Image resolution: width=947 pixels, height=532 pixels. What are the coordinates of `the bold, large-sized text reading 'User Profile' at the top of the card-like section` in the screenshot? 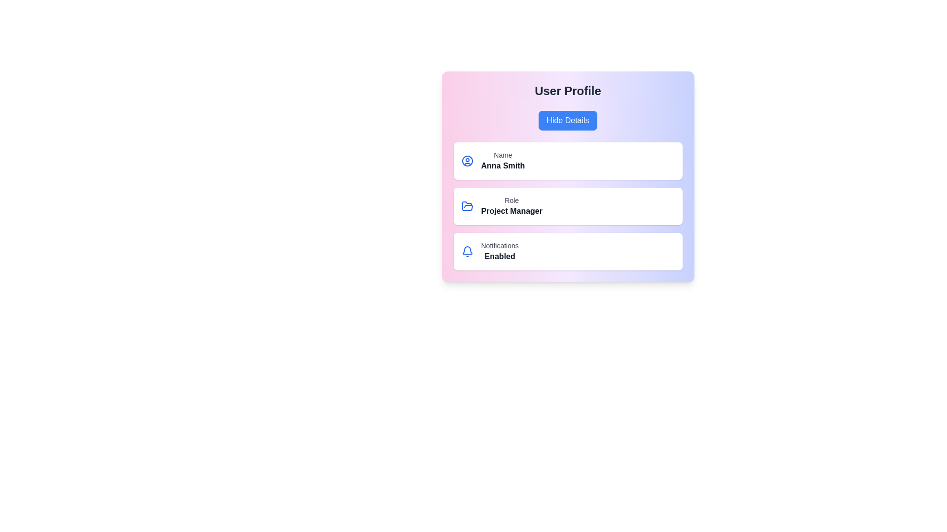 It's located at (568, 91).